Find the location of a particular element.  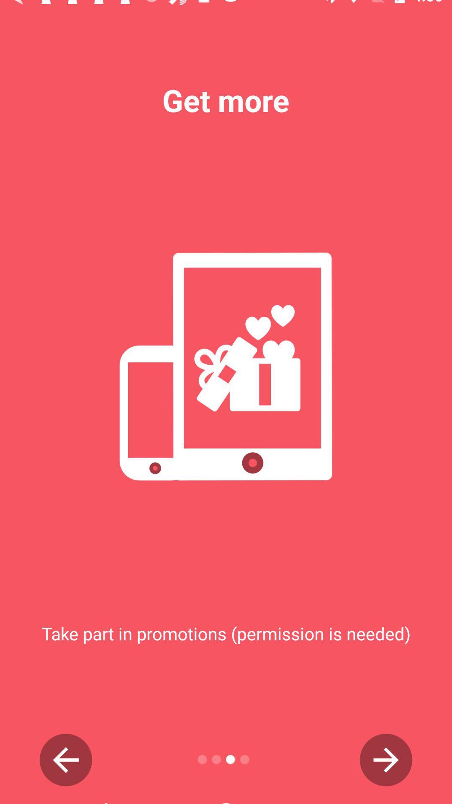

previous is located at coordinates (65, 760).